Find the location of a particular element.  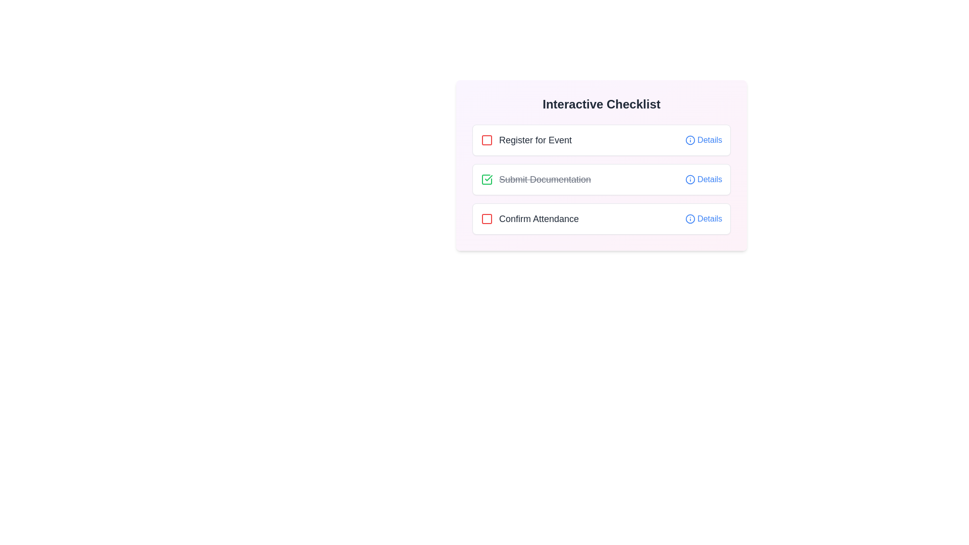

the first checkbox in the checklist for 'Submit Documentation' is located at coordinates (487, 179).